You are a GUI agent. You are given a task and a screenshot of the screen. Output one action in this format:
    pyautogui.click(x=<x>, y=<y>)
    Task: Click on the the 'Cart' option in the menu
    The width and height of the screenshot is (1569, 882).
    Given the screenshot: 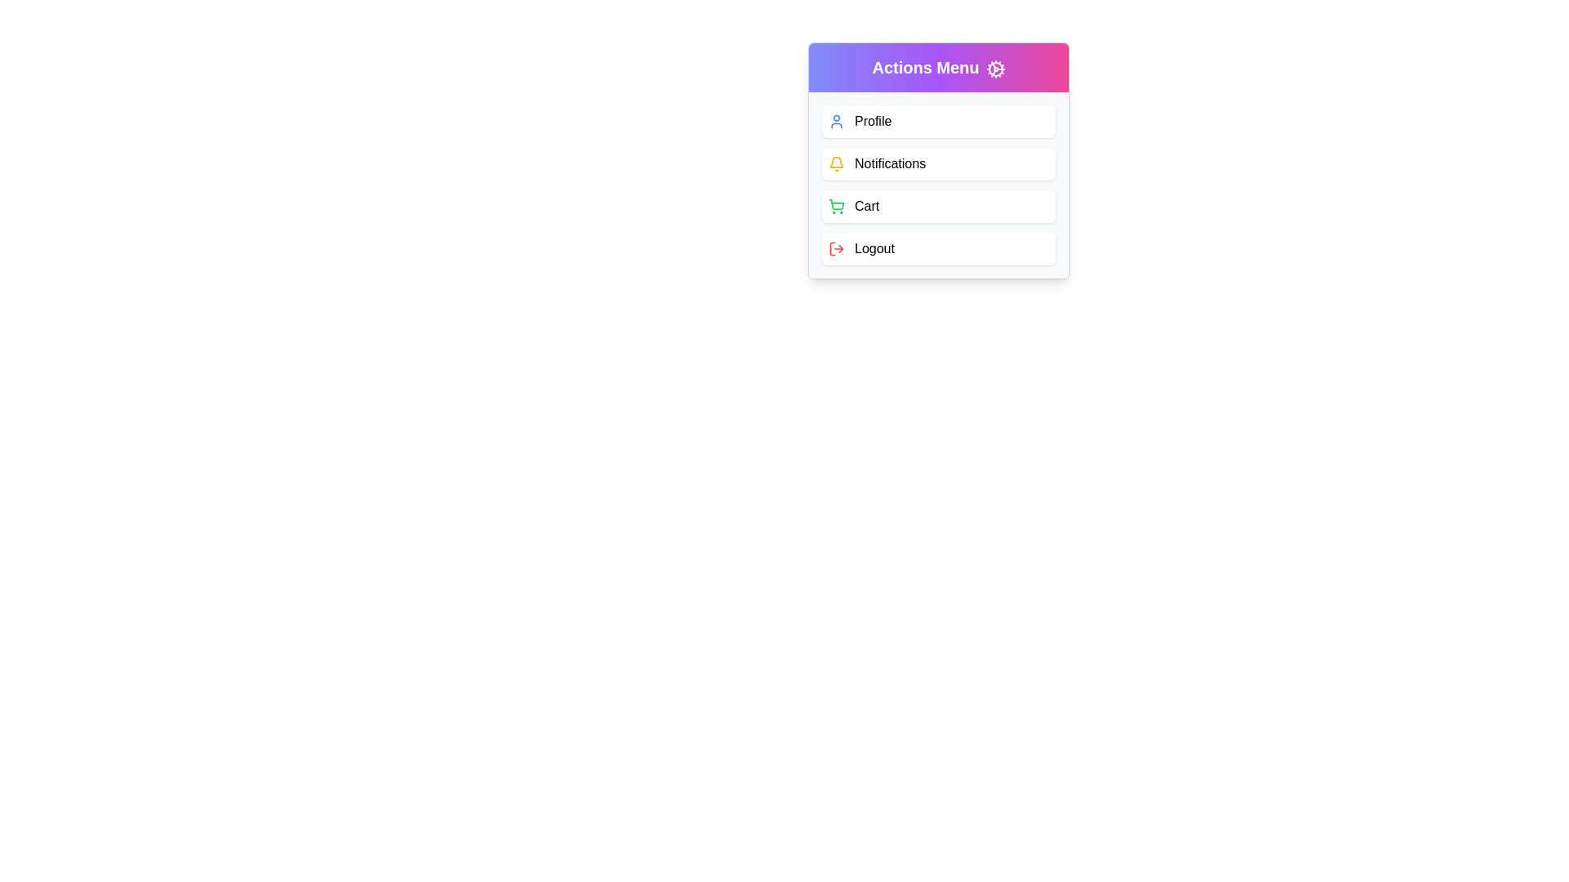 What is the action you would take?
    pyautogui.click(x=938, y=206)
    